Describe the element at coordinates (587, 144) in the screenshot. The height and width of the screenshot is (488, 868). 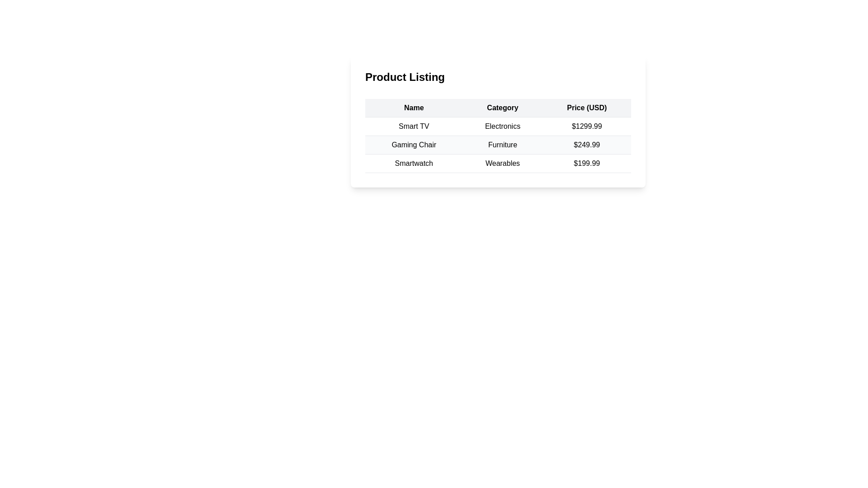
I see `the price label indicating the price of 'Gaming Chair' in the second row of the product listing table` at that location.